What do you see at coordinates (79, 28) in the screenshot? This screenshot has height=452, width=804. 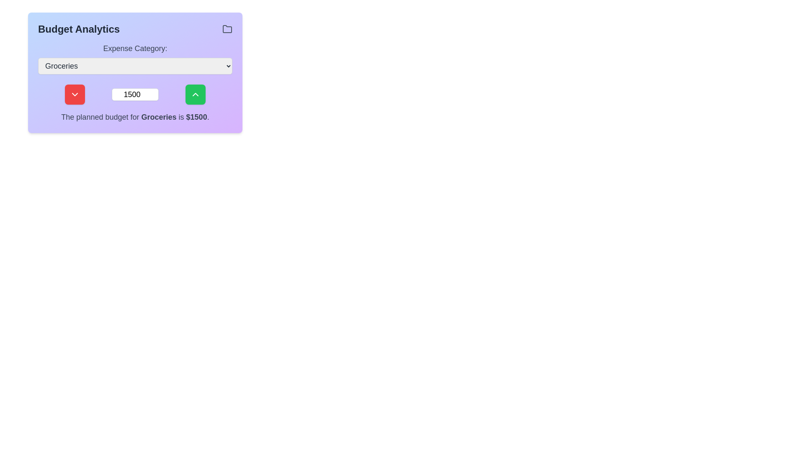 I see `text from the bold 'Budget Analytics' label located at the top-left of the purple card-like structure` at bounding box center [79, 28].